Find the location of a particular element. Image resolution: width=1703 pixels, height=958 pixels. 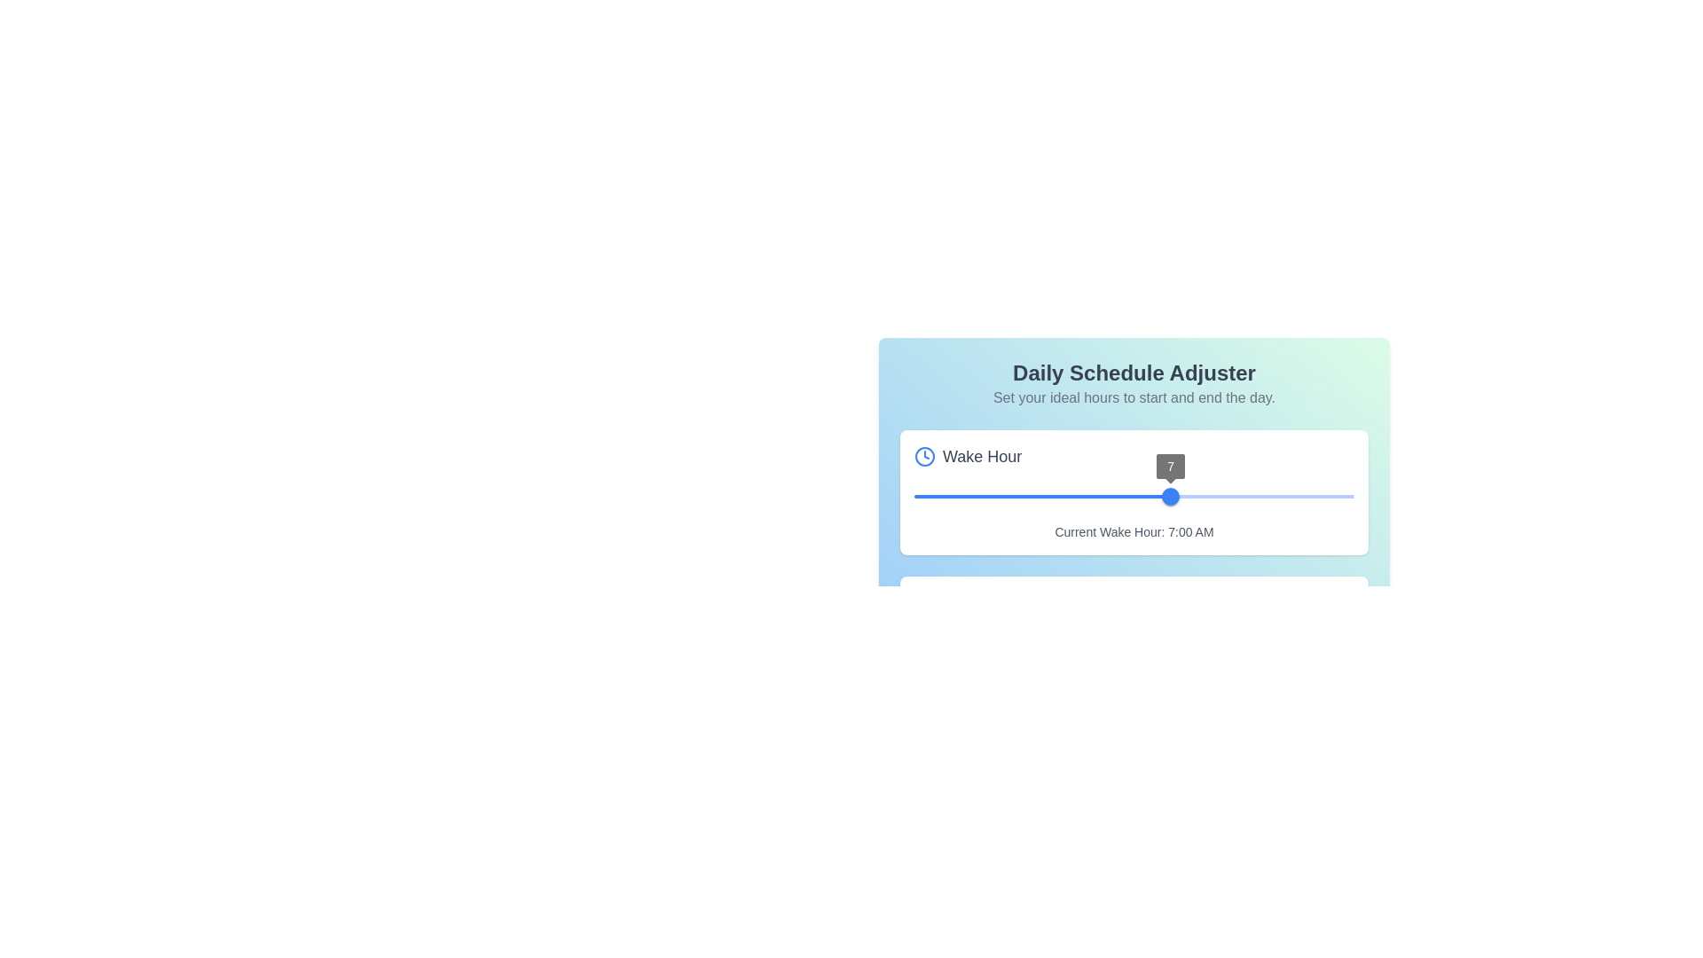

the thumb of the slider is located at coordinates (1042, 496).